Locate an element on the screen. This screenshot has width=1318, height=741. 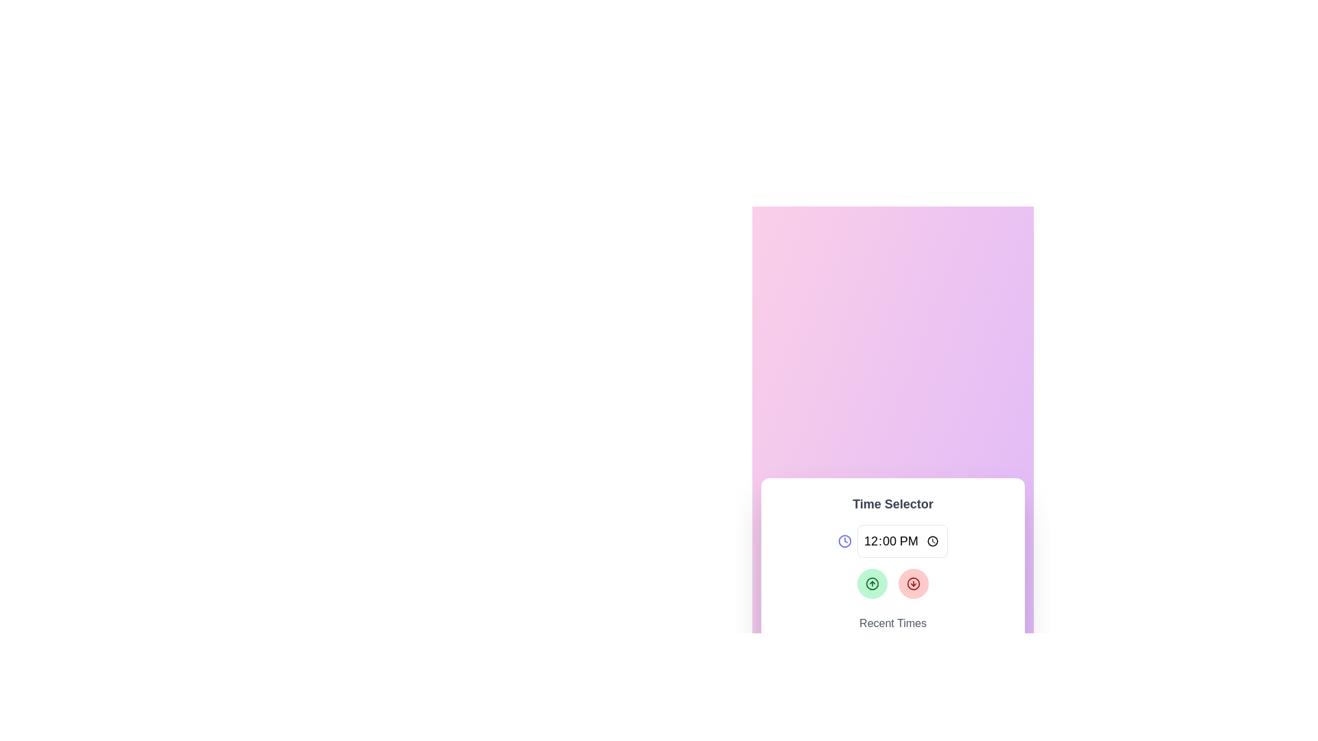
the clock icon's outer frame, which is a circle defining the structure of the clock icon, located to the left of the time display in the time selector interface is located at coordinates (844, 541).